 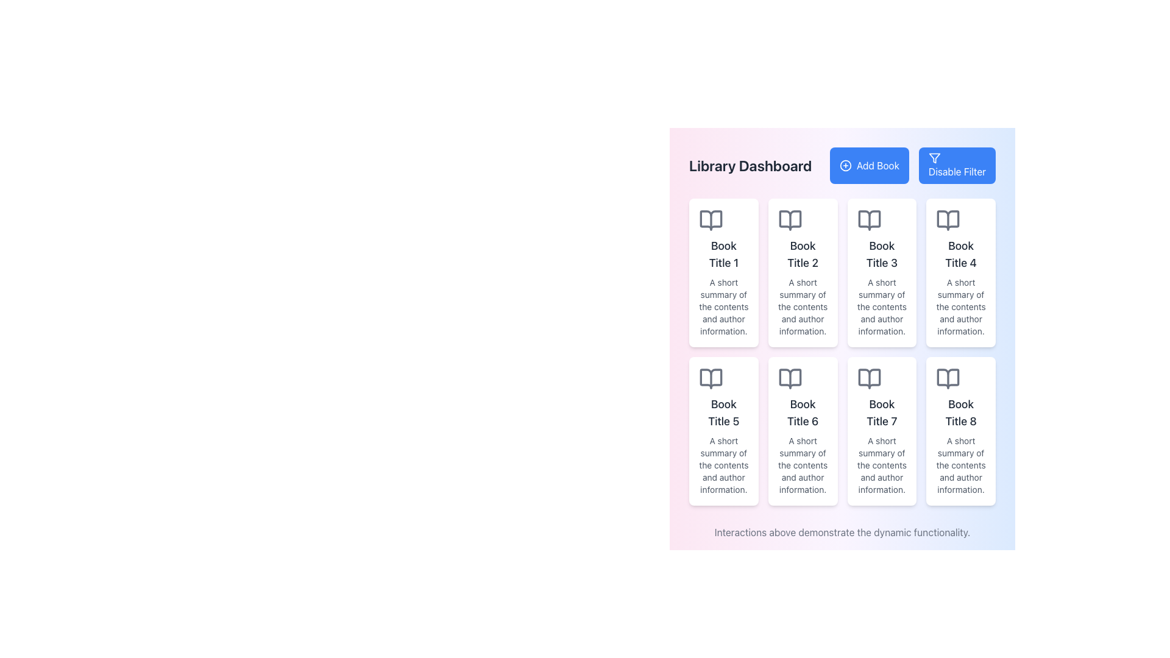 What do you see at coordinates (790, 378) in the screenshot?
I see `the decorative book icon located at the top of the 'Book Title 6' card in the second row, third column of the dashboard grid layout` at bounding box center [790, 378].